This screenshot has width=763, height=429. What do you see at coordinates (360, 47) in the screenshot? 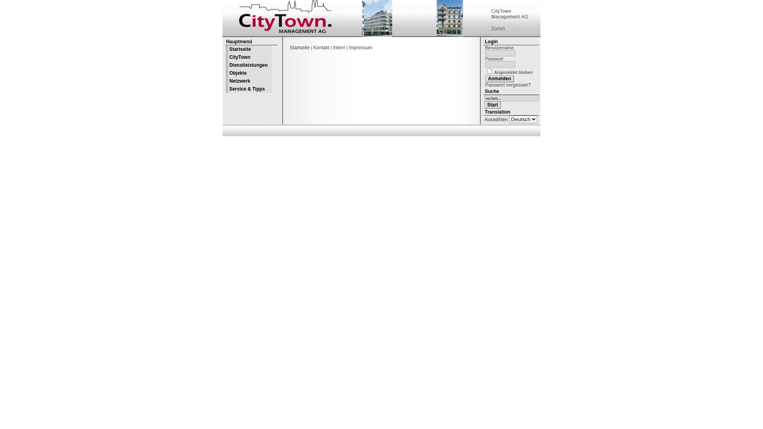
I see `'Impressum'` at bounding box center [360, 47].